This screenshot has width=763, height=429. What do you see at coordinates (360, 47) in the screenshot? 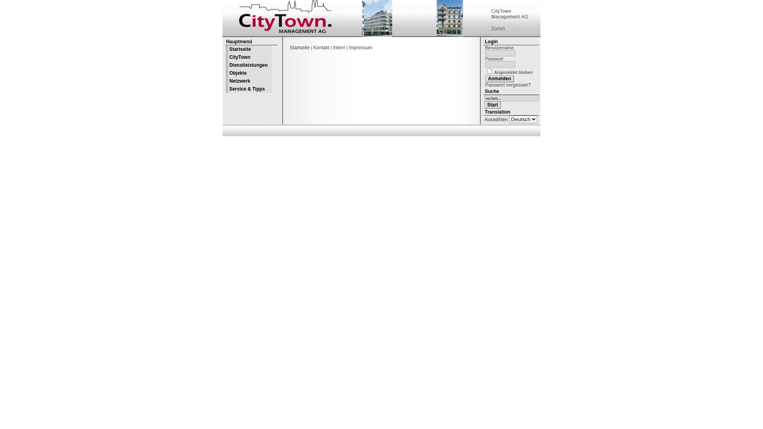
I see `'Impressum'` at bounding box center [360, 47].